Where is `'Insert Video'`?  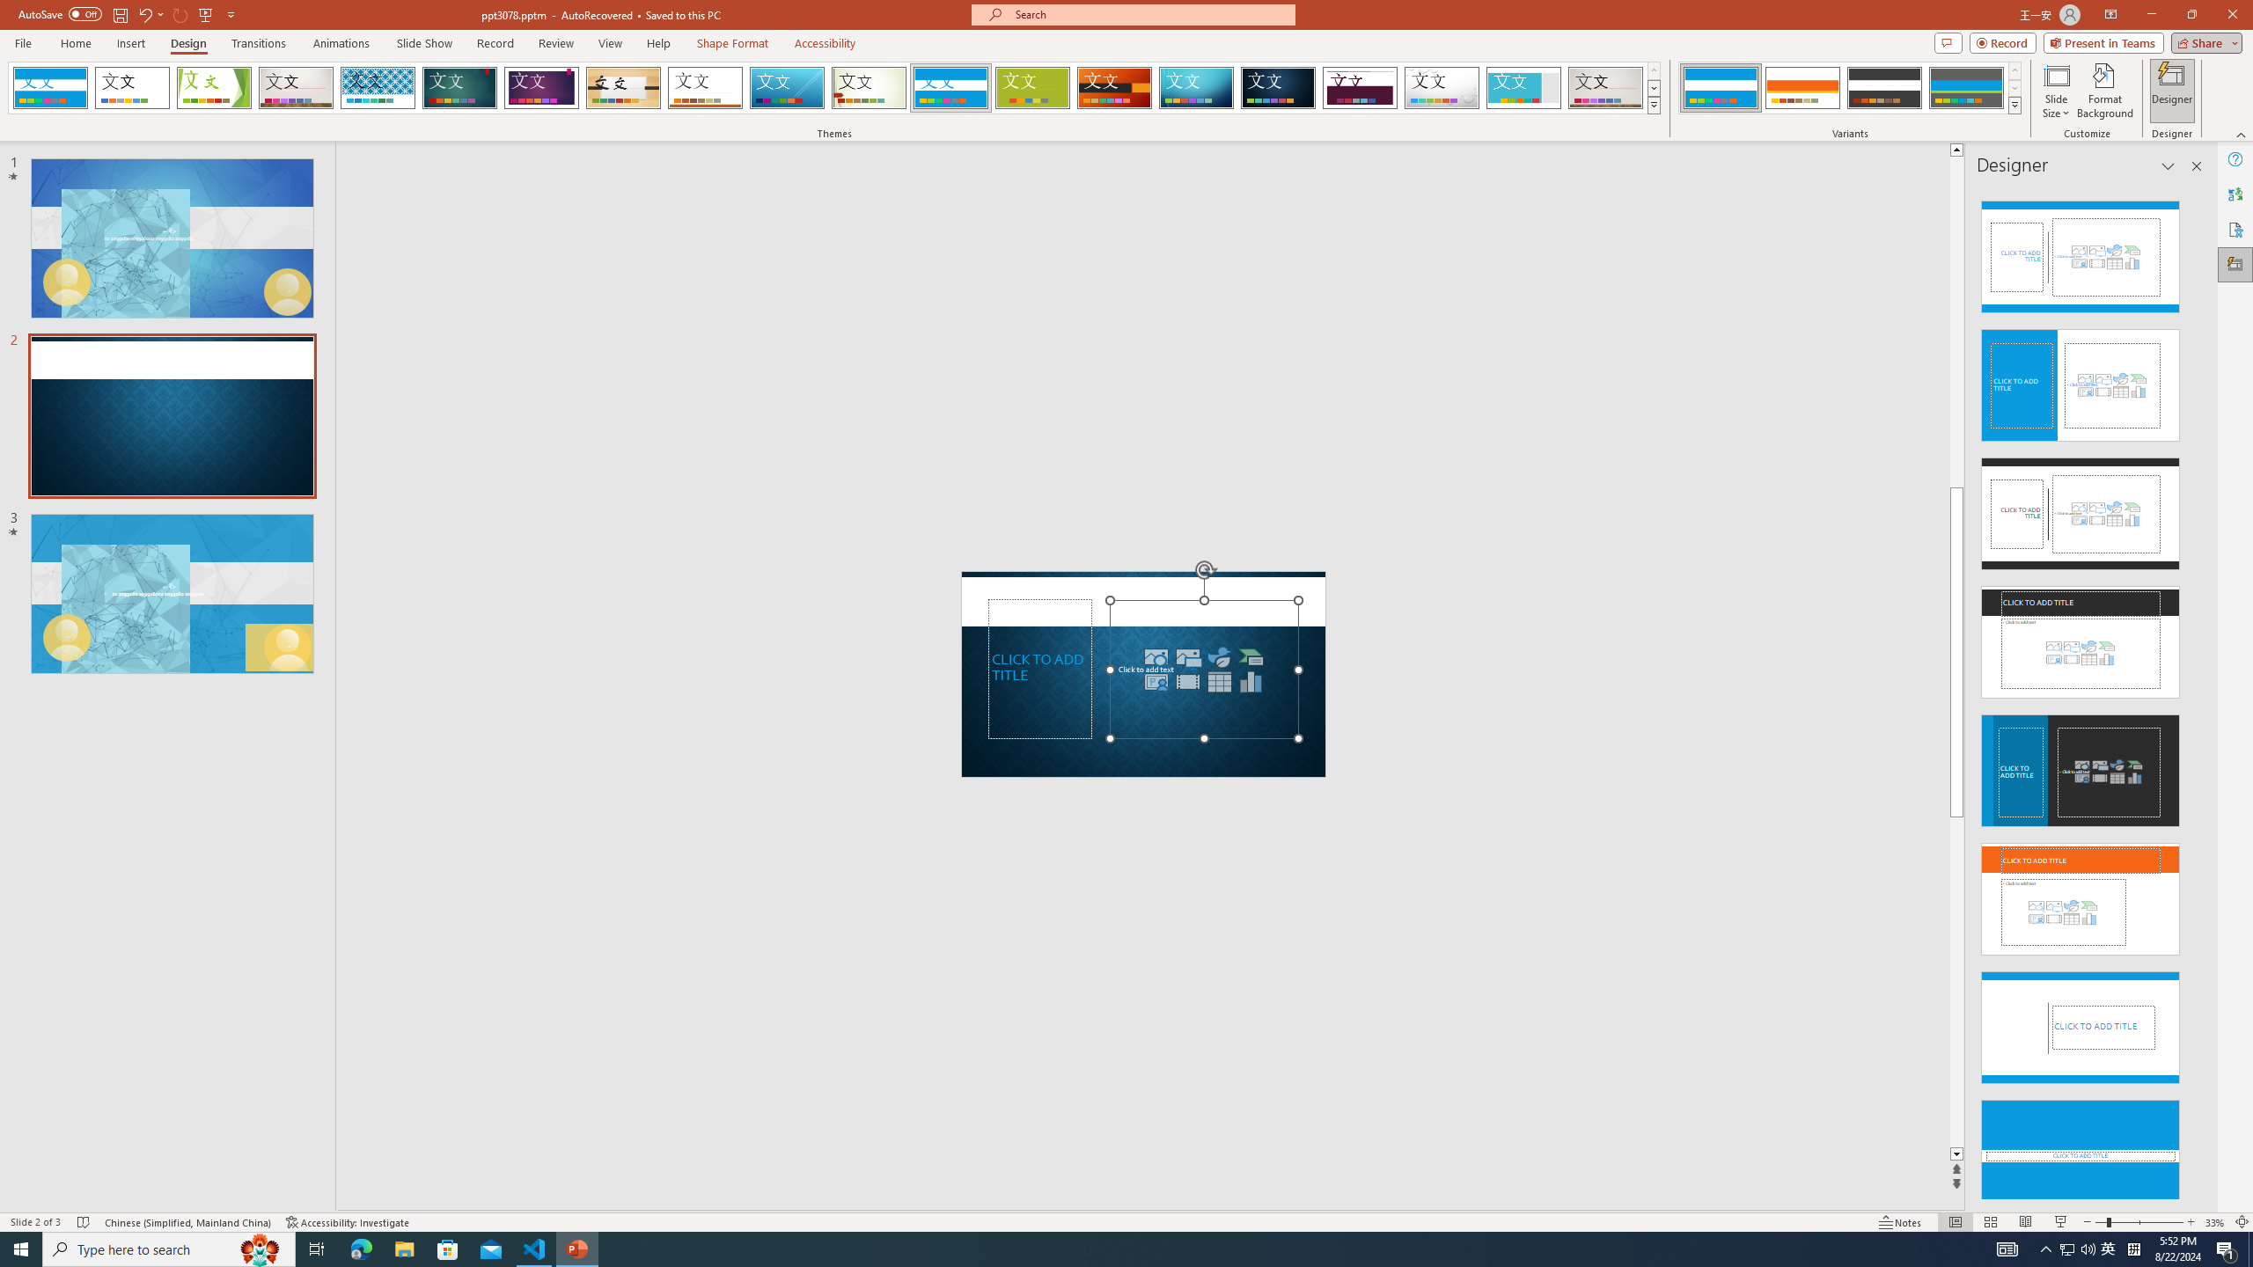
'Insert Video' is located at coordinates (1187, 680).